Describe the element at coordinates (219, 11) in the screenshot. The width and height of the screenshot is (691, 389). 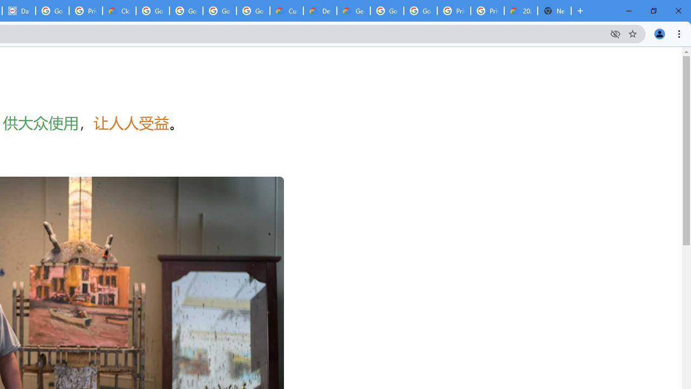
I see `'Google Workspace - Specific Terms'` at that location.